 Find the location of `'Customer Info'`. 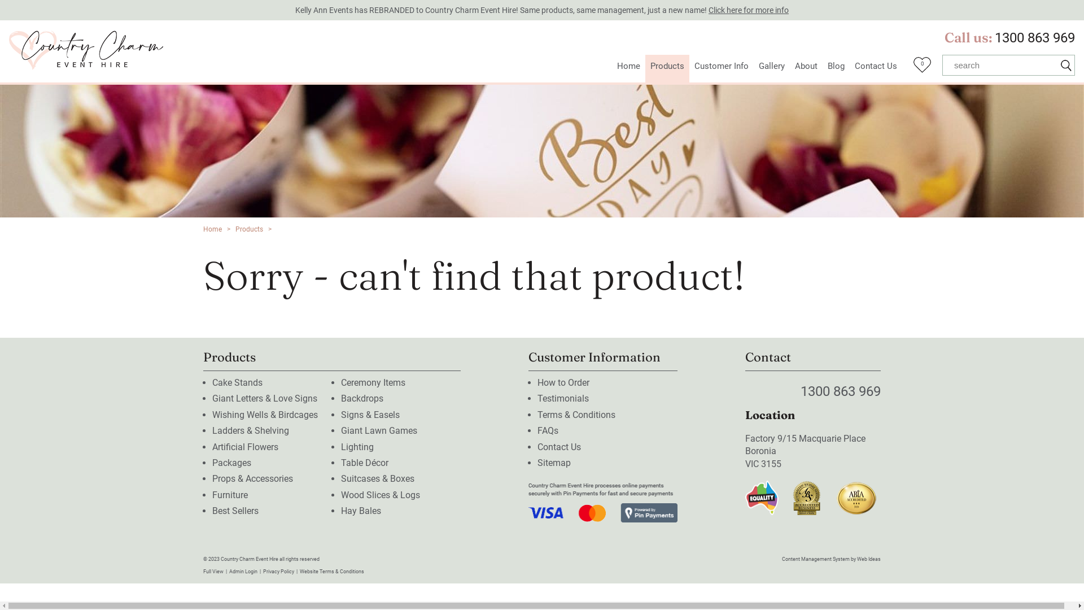

'Customer Info' is located at coordinates (720, 68).